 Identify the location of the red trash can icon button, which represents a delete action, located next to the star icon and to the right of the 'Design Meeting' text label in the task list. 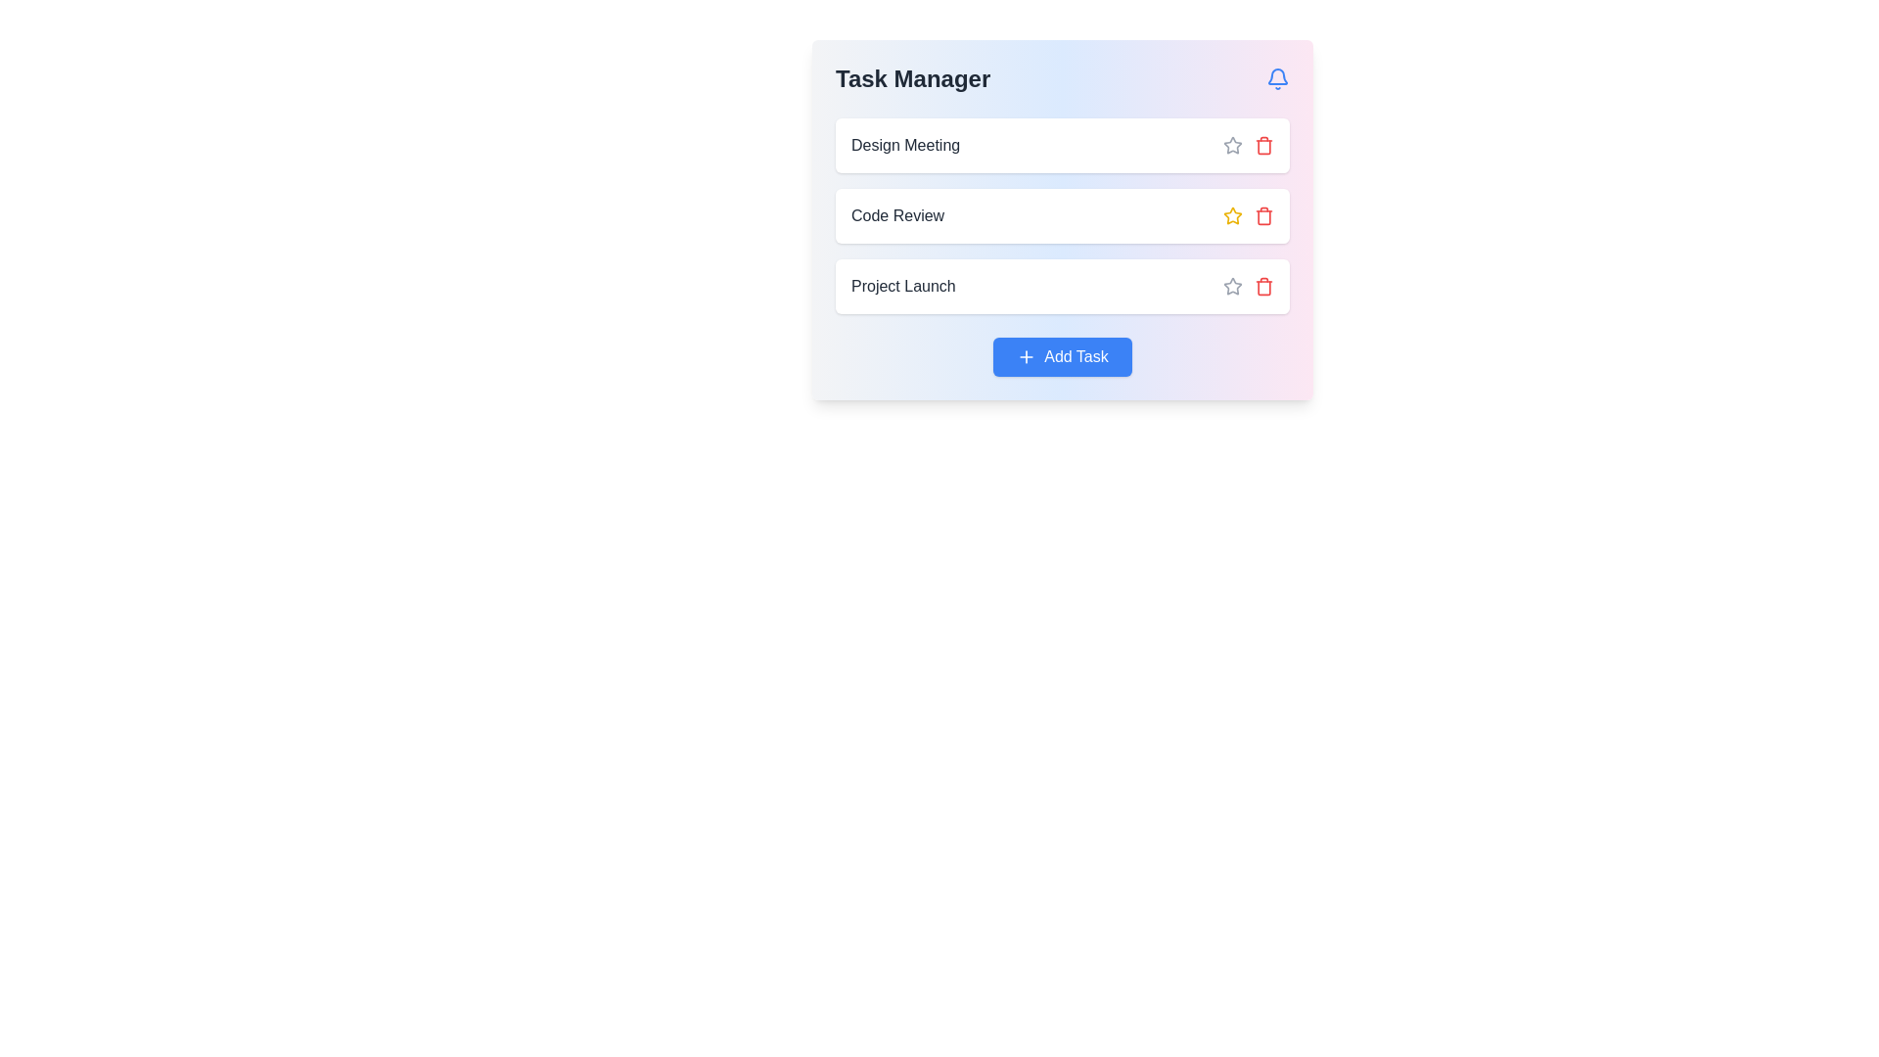
(1263, 145).